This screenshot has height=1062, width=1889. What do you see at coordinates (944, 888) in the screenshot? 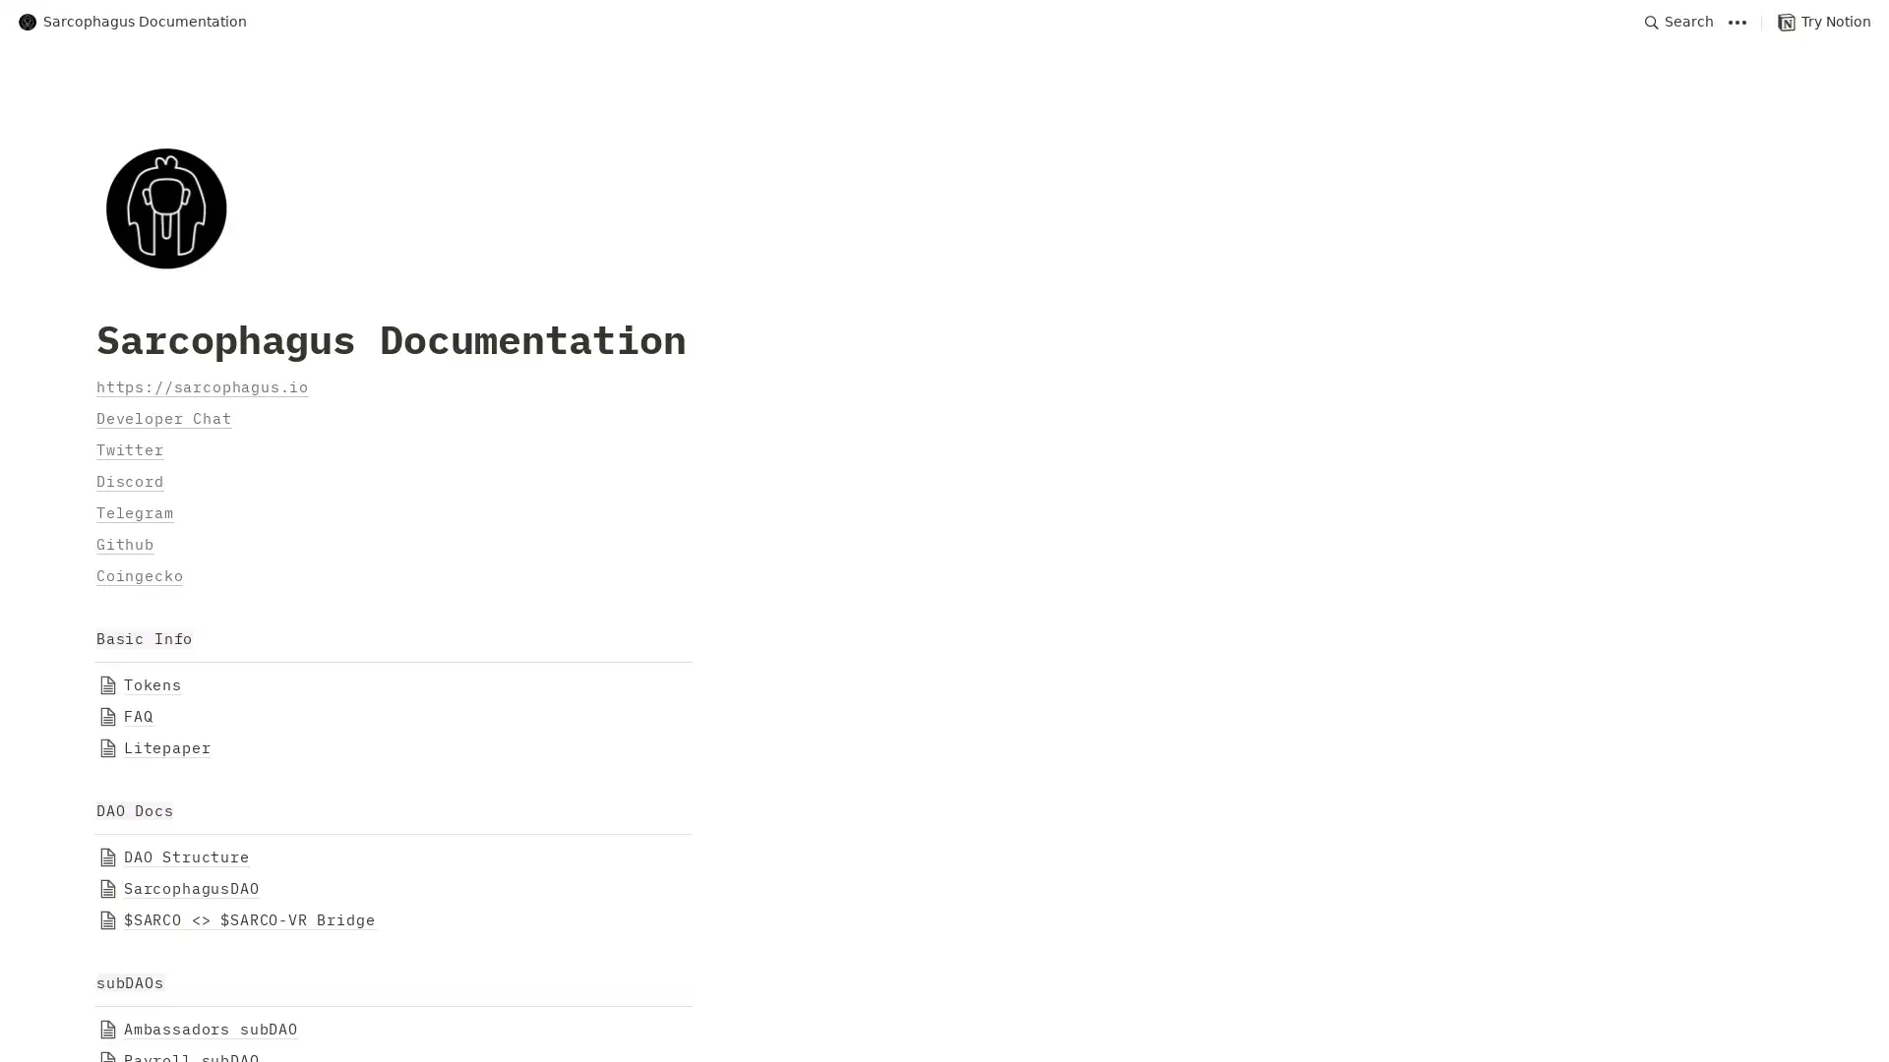
I see `SarcophagusDAO` at bounding box center [944, 888].